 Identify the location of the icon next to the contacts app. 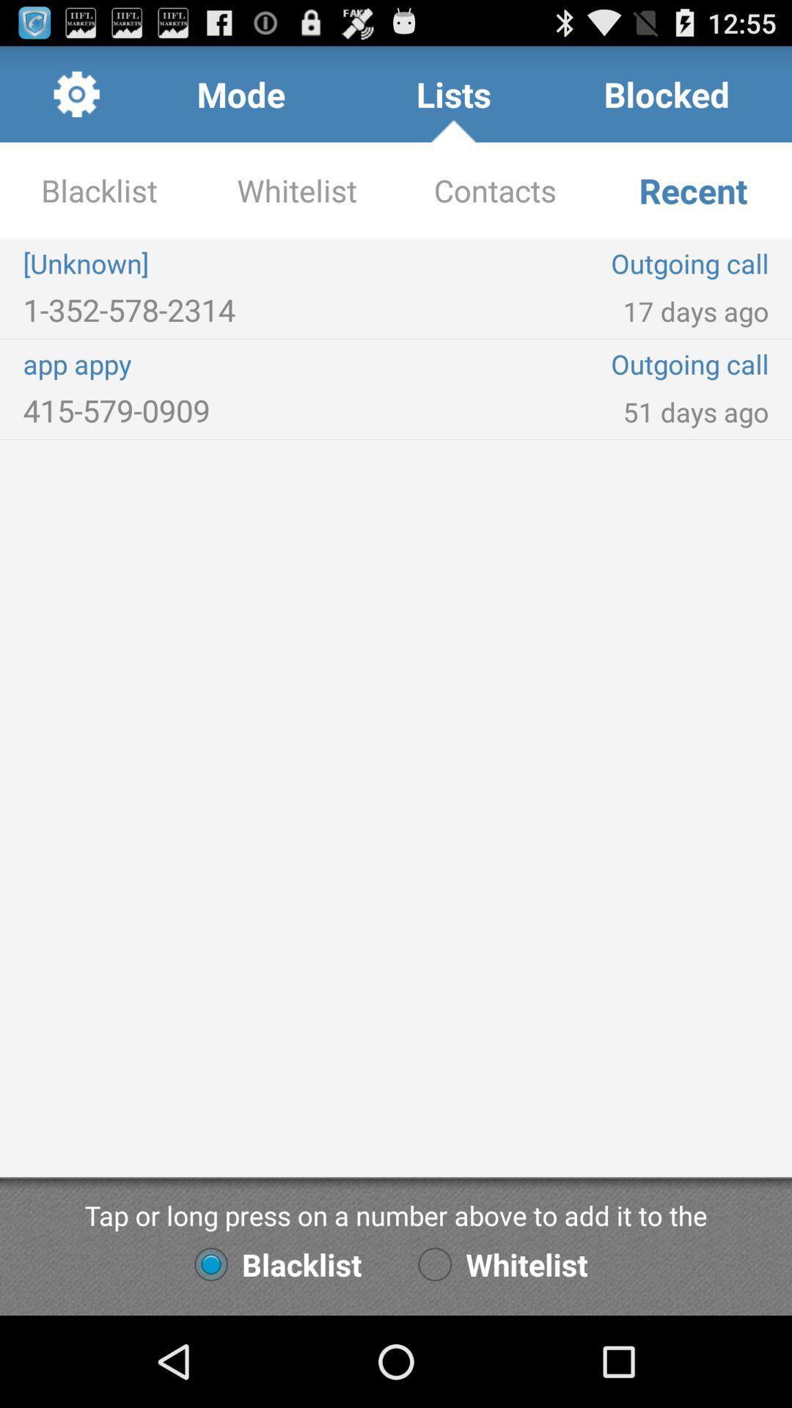
(209, 263).